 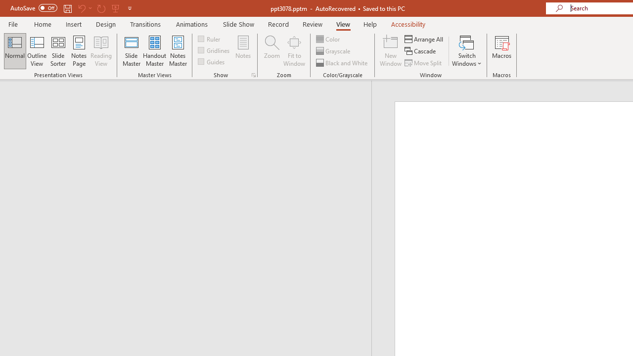 What do you see at coordinates (271, 51) in the screenshot?
I see `'Zoom...'` at bounding box center [271, 51].